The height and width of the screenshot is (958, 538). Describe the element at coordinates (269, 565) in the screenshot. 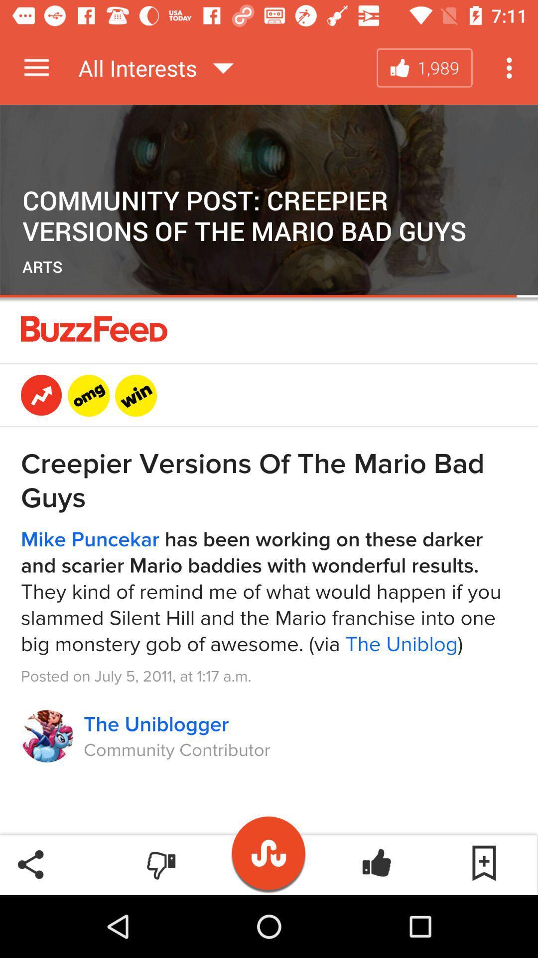

I see `video details` at that location.